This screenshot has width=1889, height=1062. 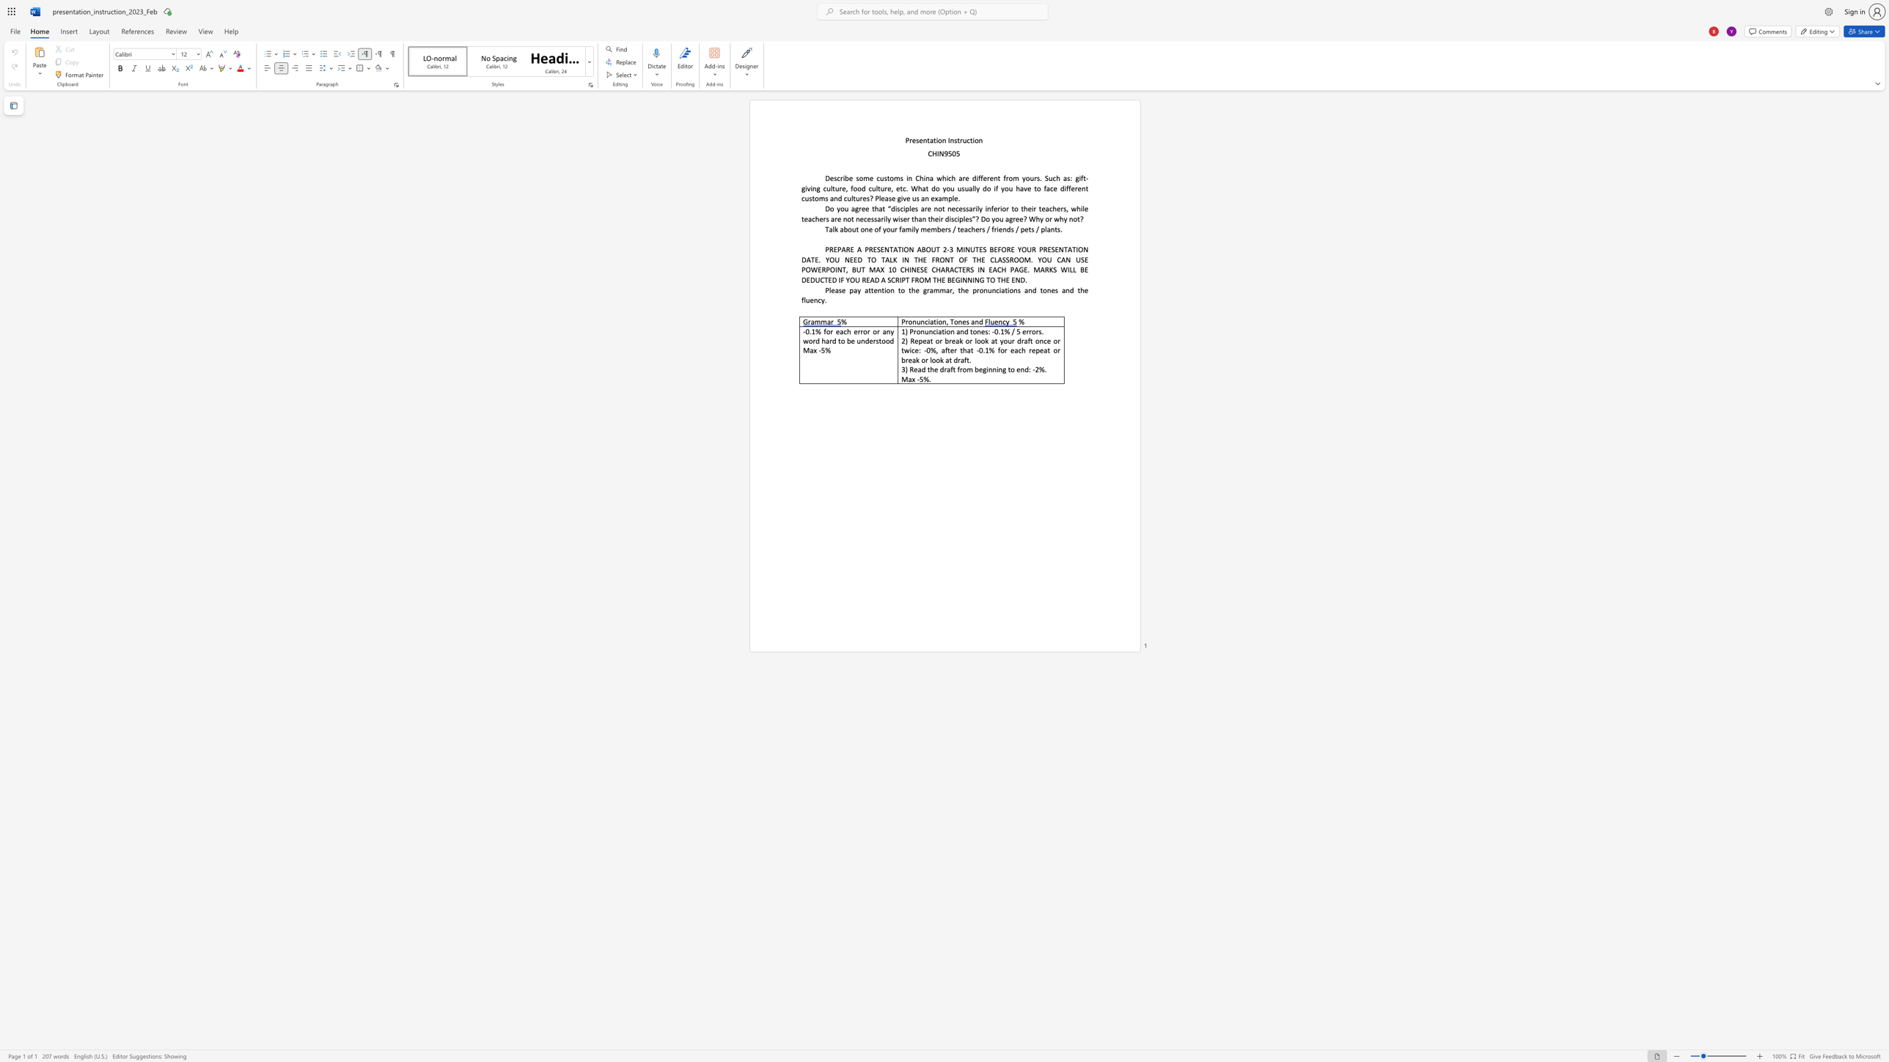 I want to click on the subset text "s an" within the text "Describe some customs in China which are different from yours. Such as: gift-giving culture, food culture, etc. What do you usually do if you have to face different customs and", so click(x=824, y=198).